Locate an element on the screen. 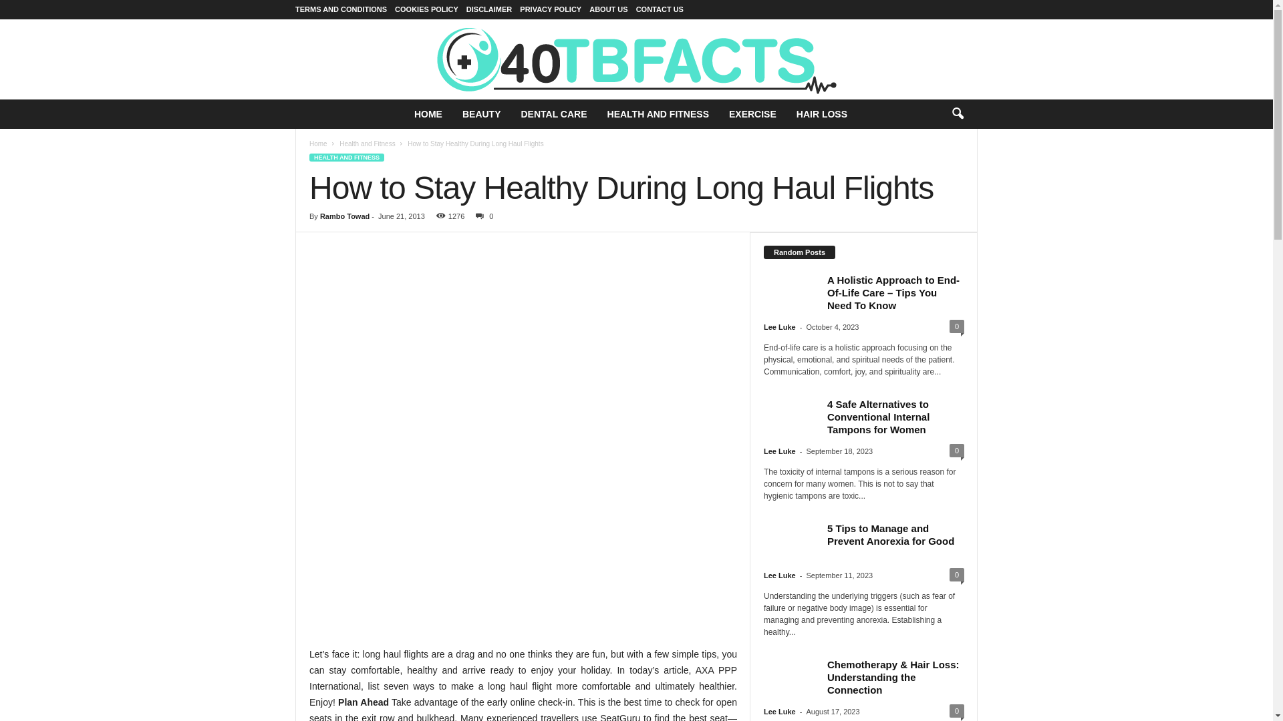  'Home' is located at coordinates (317, 144).